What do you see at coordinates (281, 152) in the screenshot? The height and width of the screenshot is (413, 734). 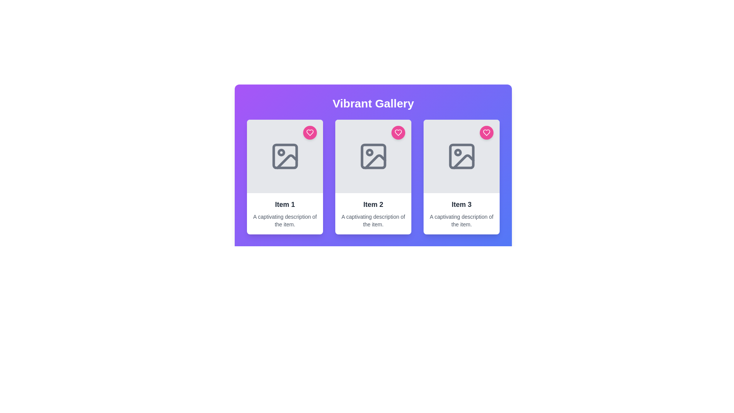 I see `the decorative visual marker or icon located in the upper-left corner of the image within the first item card ('Item 1') in the gallery` at bounding box center [281, 152].